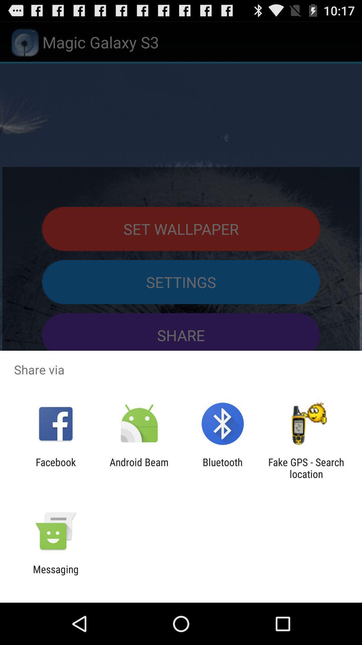 Image resolution: width=362 pixels, height=645 pixels. What do you see at coordinates (223, 468) in the screenshot?
I see `the bluetooth app` at bounding box center [223, 468].